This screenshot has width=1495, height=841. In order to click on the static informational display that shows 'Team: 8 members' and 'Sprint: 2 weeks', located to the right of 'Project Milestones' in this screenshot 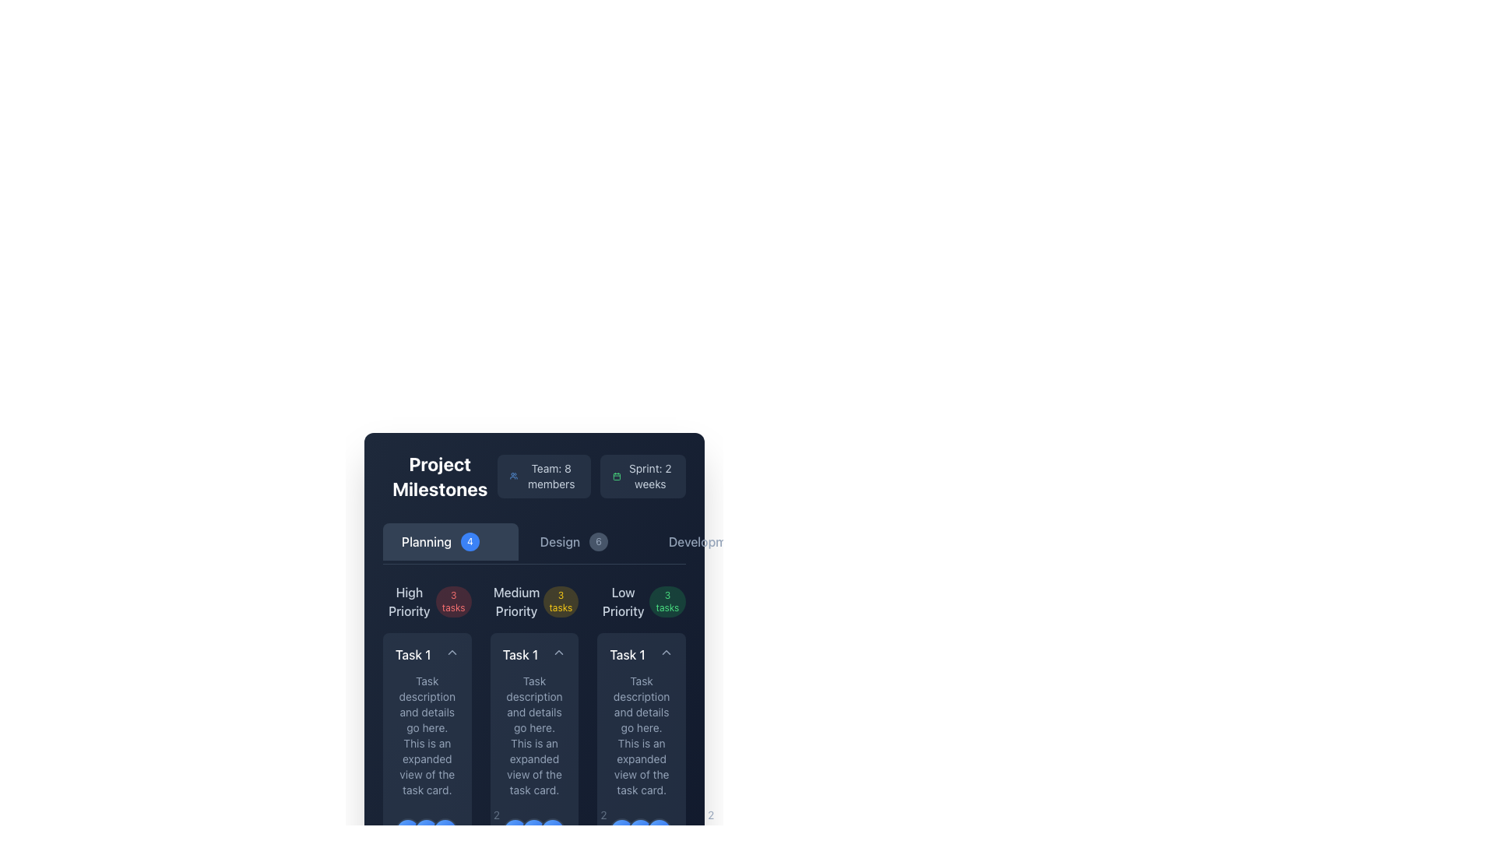, I will do `click(590, 476)`.